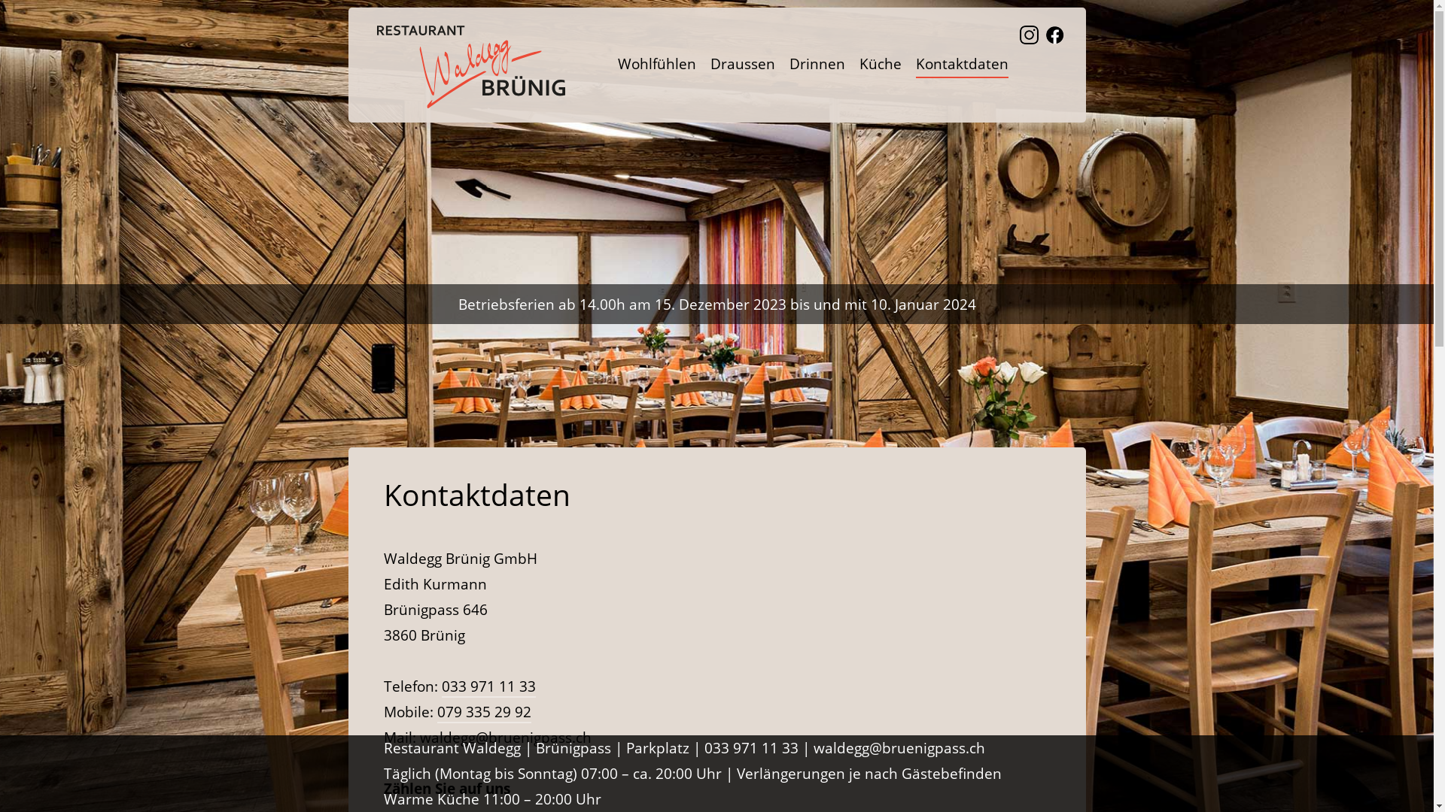 Image resolution: width=1445 pixels, height=812 pixels. Describe the element at coordinates (488, 687) in the screenshot. I see `'033 971 11 33'` at that location.